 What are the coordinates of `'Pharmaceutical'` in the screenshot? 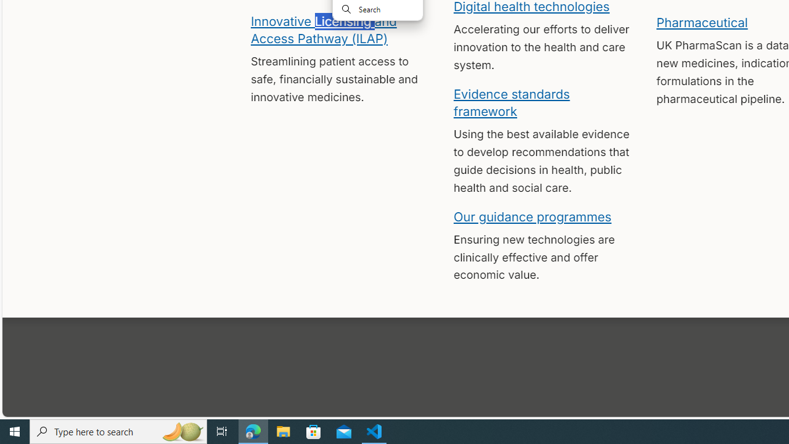 It's located at (702, 22).